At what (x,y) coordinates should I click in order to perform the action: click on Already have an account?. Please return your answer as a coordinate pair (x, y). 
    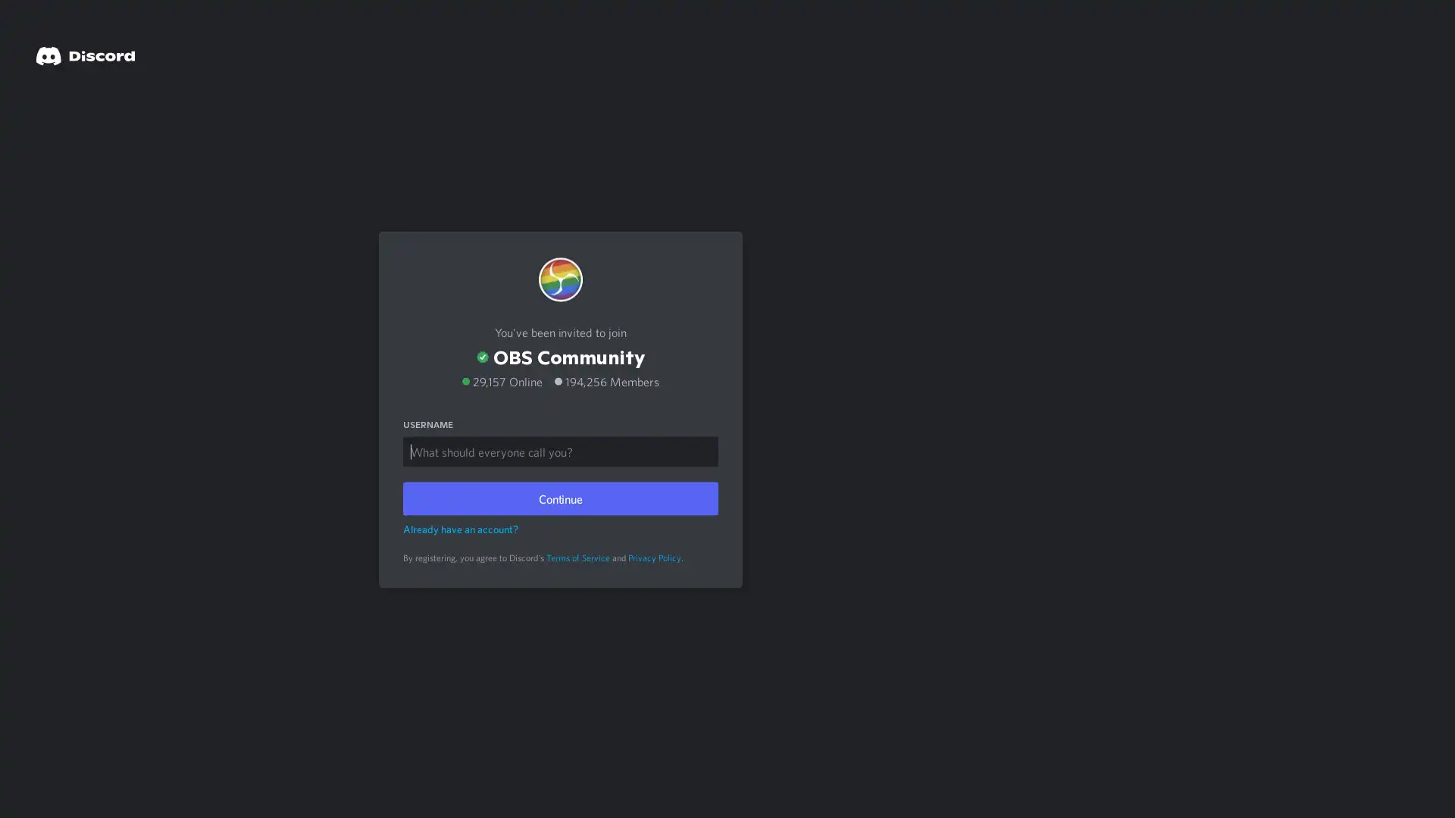
    Looking at the image, I should click on (460, 527).